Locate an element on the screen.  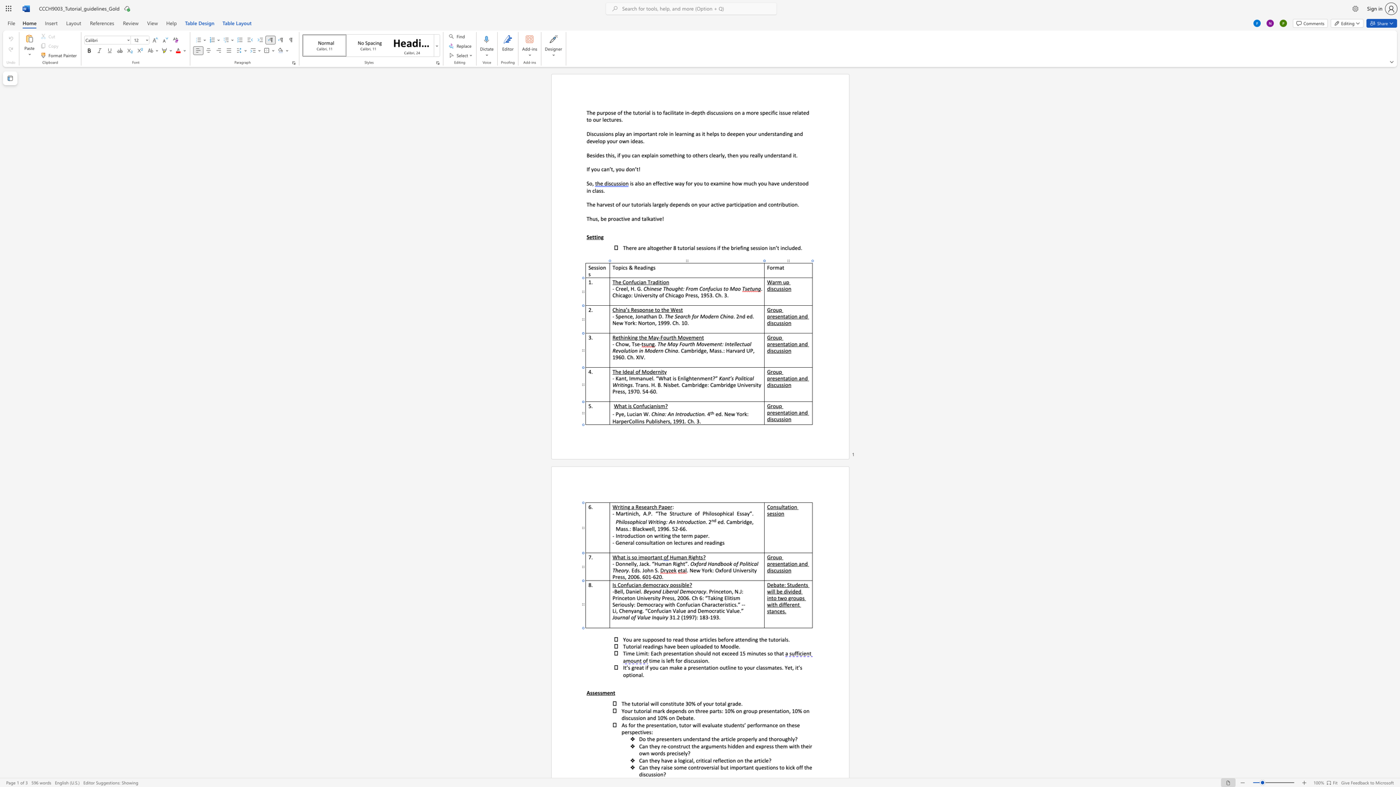
the 3th character "C" in the text is located at coordinates (620, 611).